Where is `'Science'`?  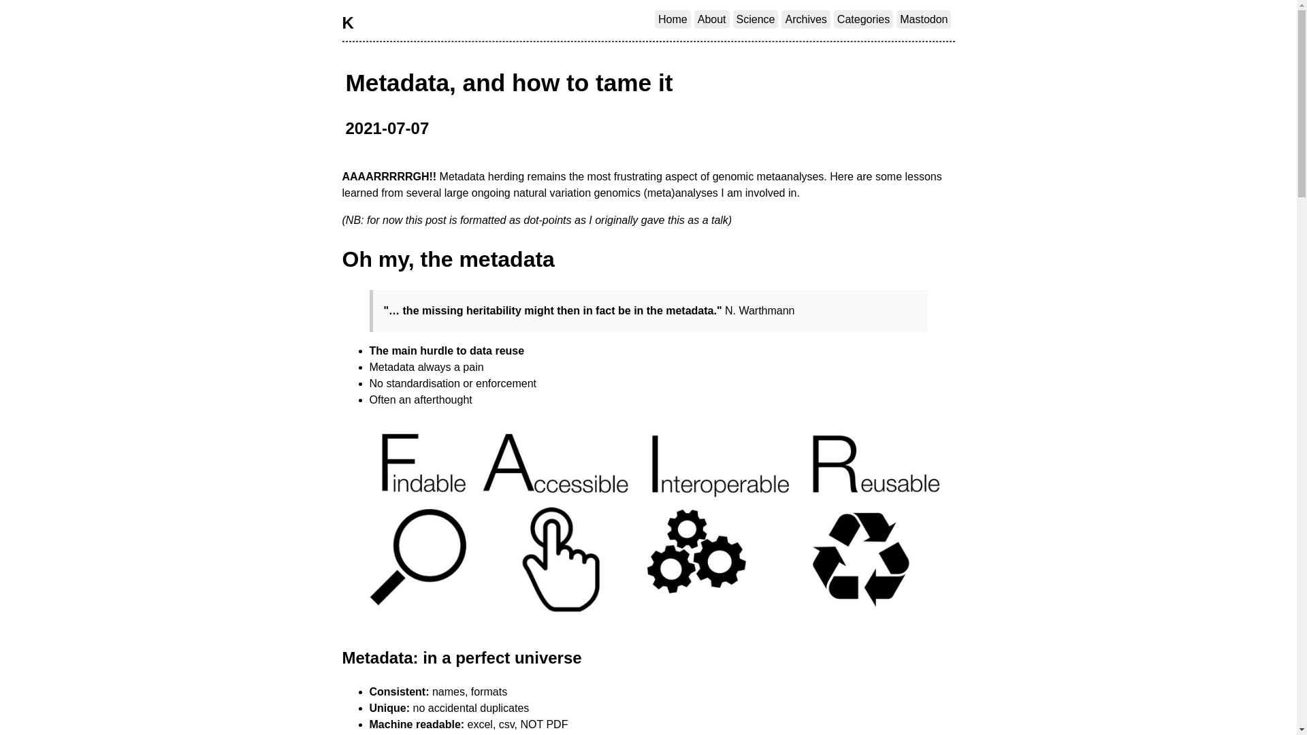
'Science' is located at coordinates (755, 19).